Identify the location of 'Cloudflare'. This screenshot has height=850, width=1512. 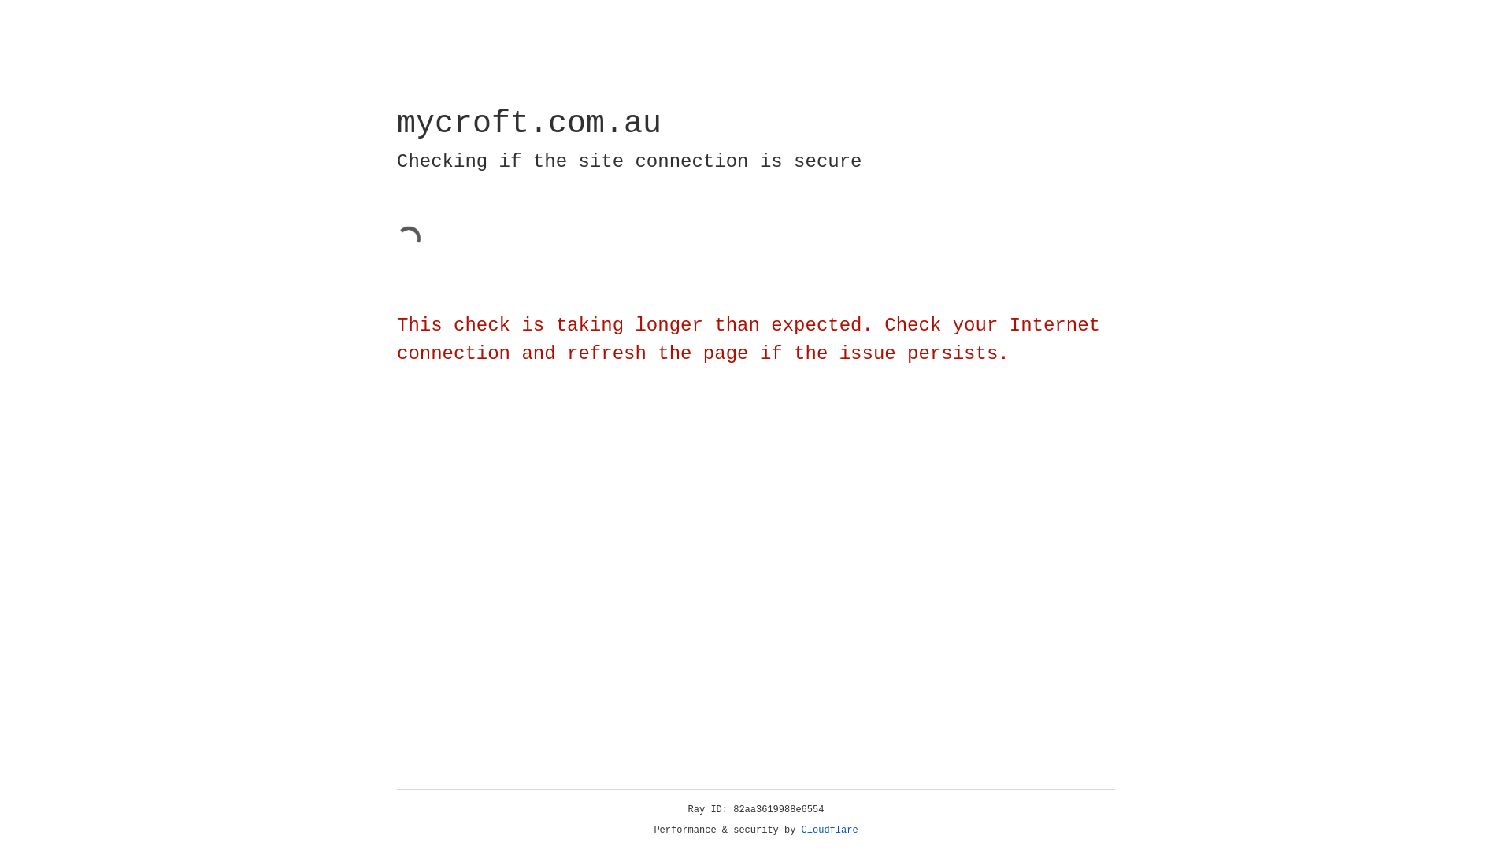
(829, 830).